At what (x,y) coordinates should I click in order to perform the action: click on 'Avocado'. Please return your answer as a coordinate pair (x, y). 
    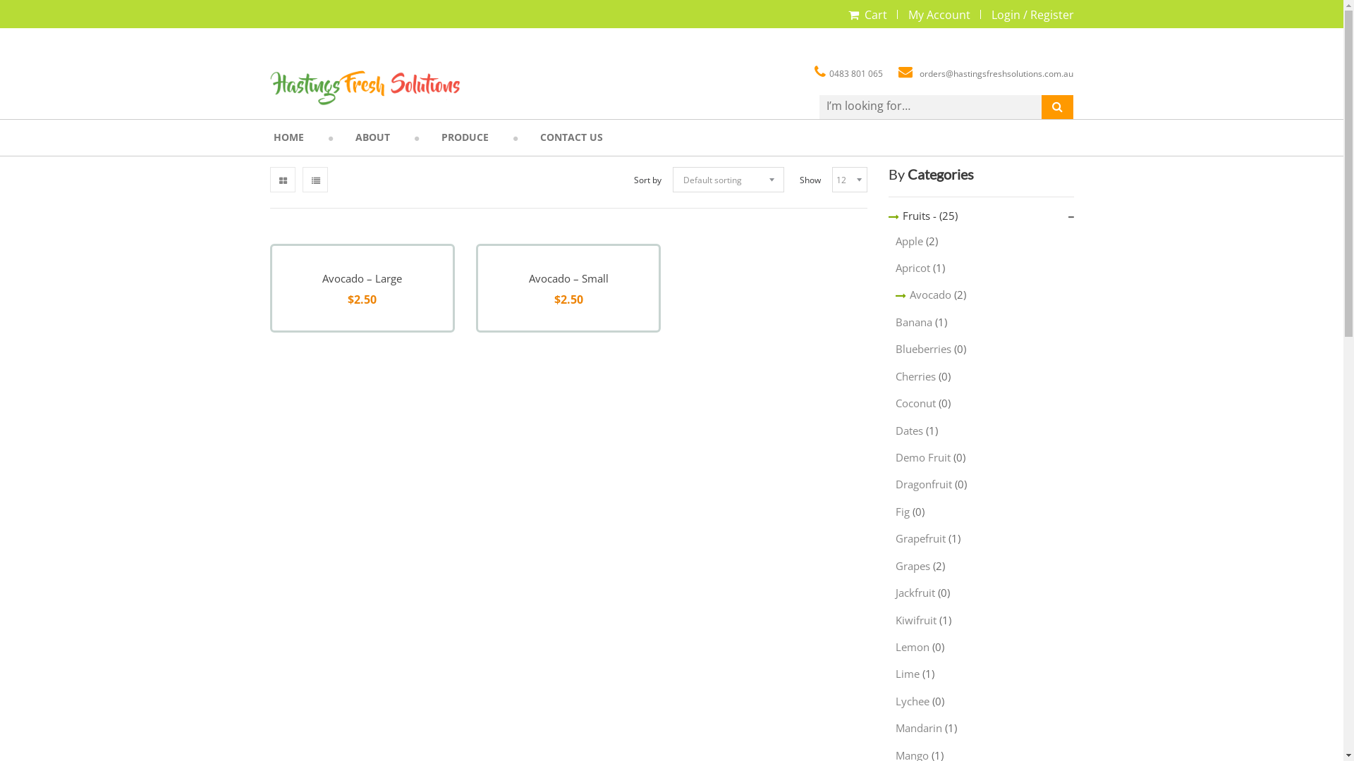
    Looking at the image, I should click on (923, 293).